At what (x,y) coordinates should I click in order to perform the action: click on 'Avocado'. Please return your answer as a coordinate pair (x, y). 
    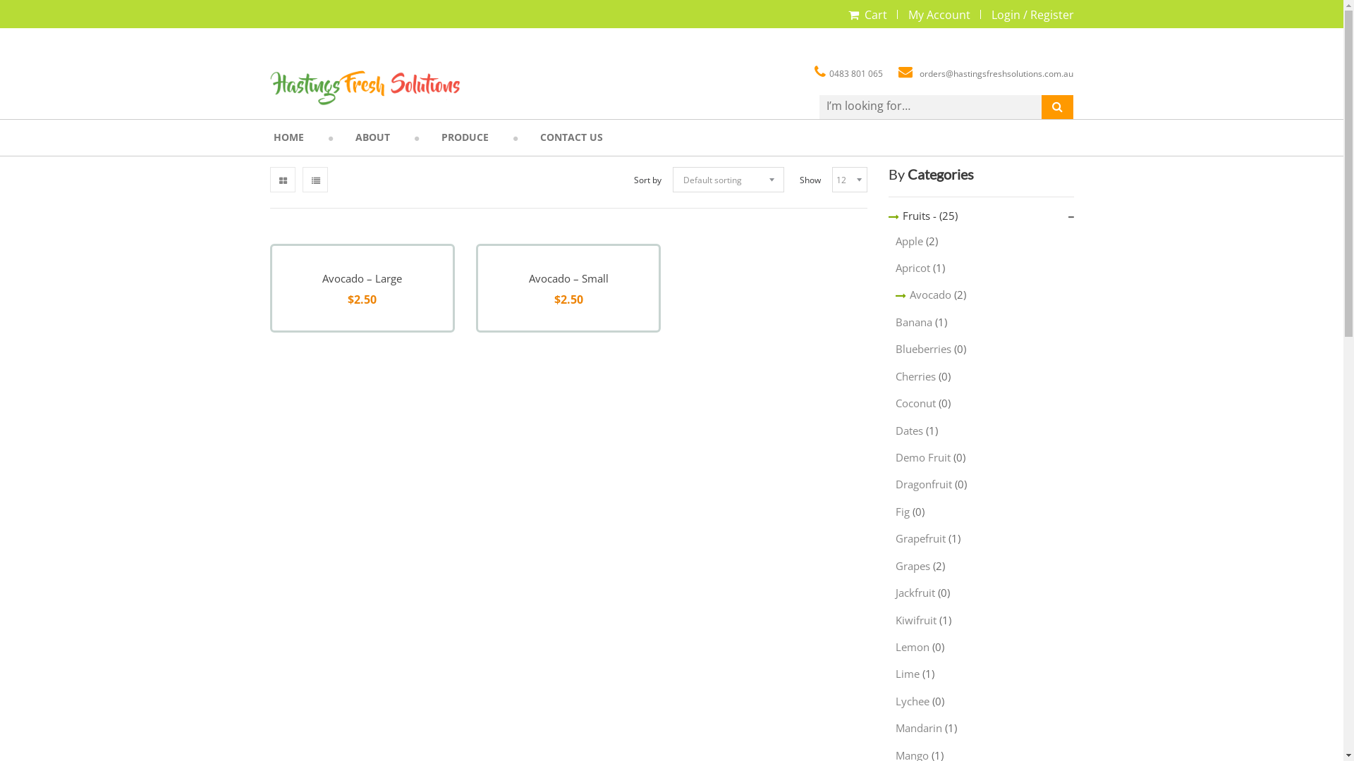
    Looking at the image, I should click on (923, 293).